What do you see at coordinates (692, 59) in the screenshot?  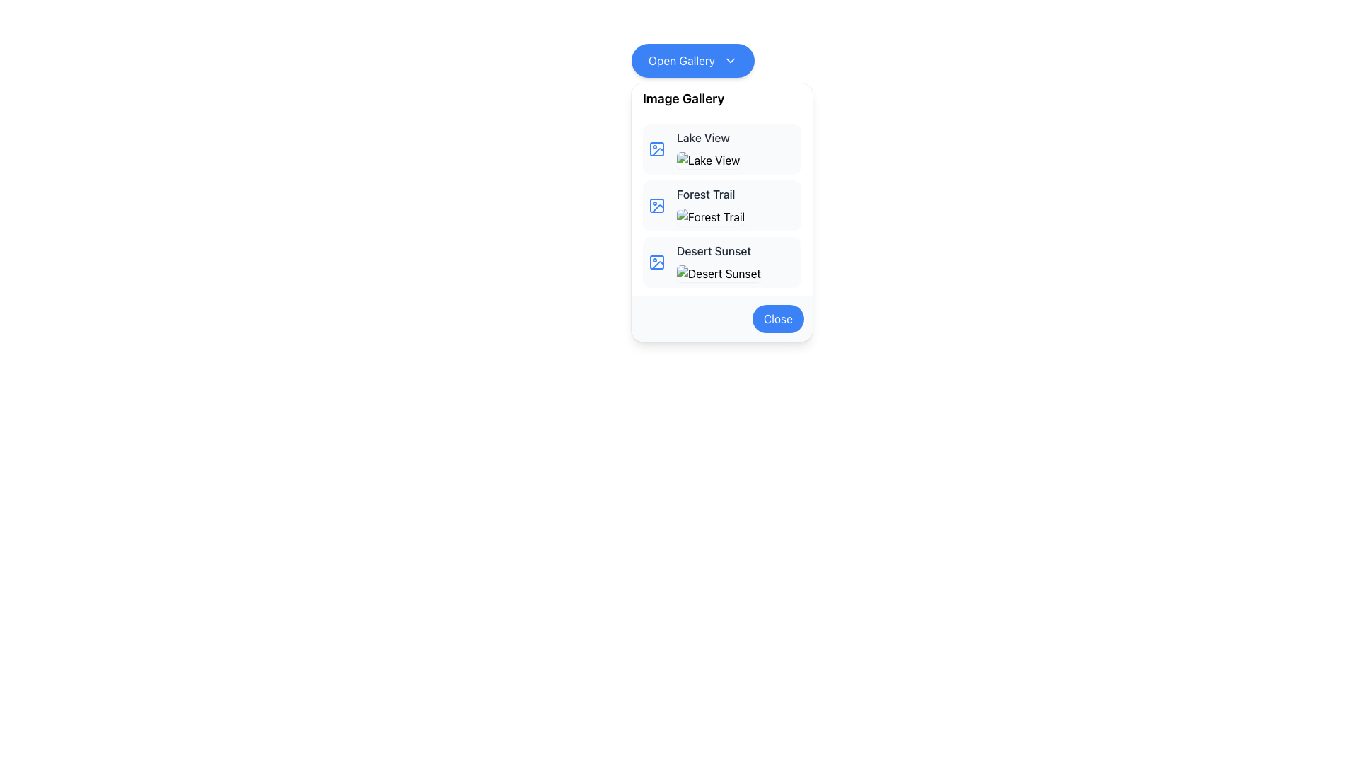 I see `the blue button labeled 'Open Gallery' with a downwards arrow icon` at bounding box center [692, 59].